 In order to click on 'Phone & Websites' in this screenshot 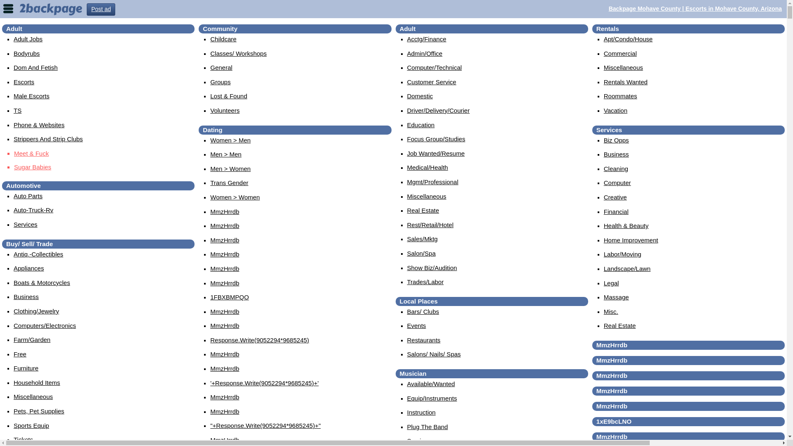, I will do `click(38, 125)`.